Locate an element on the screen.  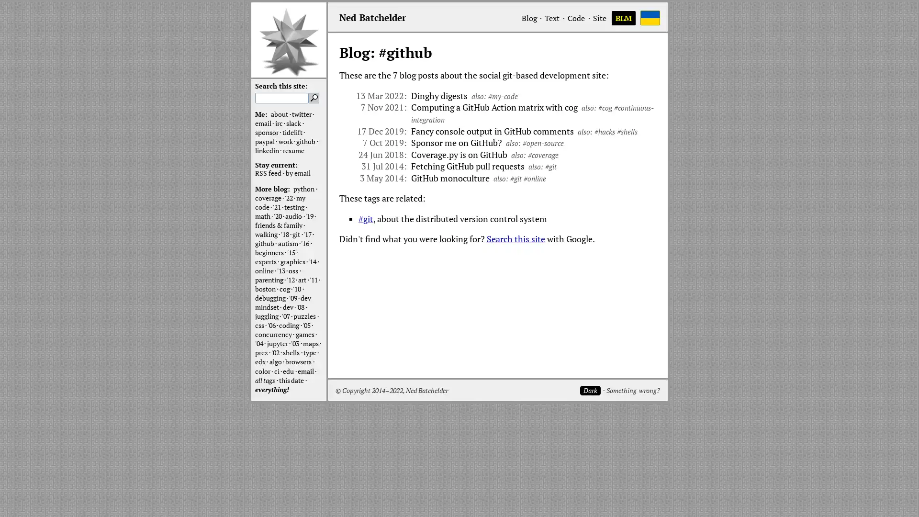
Search is located at coordinates (314, 98).